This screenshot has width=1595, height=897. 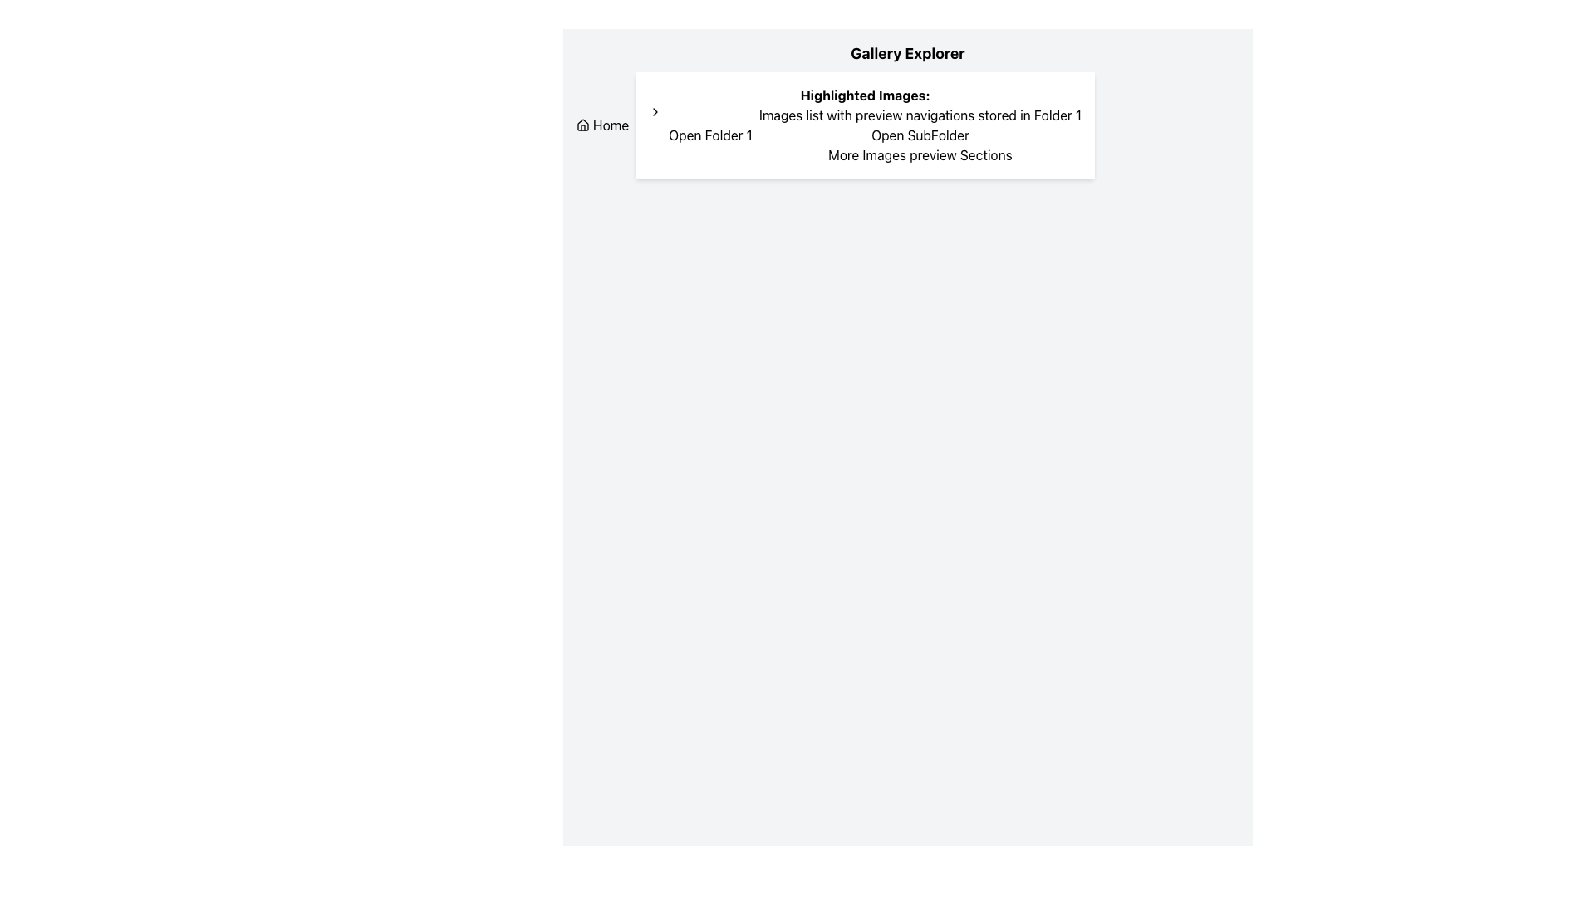 What do you see at coordinates (864, 124) in the screenshot?
I see `the section titled 'Highlighted Images:' which contains buttons 'Open Folder 1' and 'Open SubFolder' for tooltips` at bounding box center [864, 124].